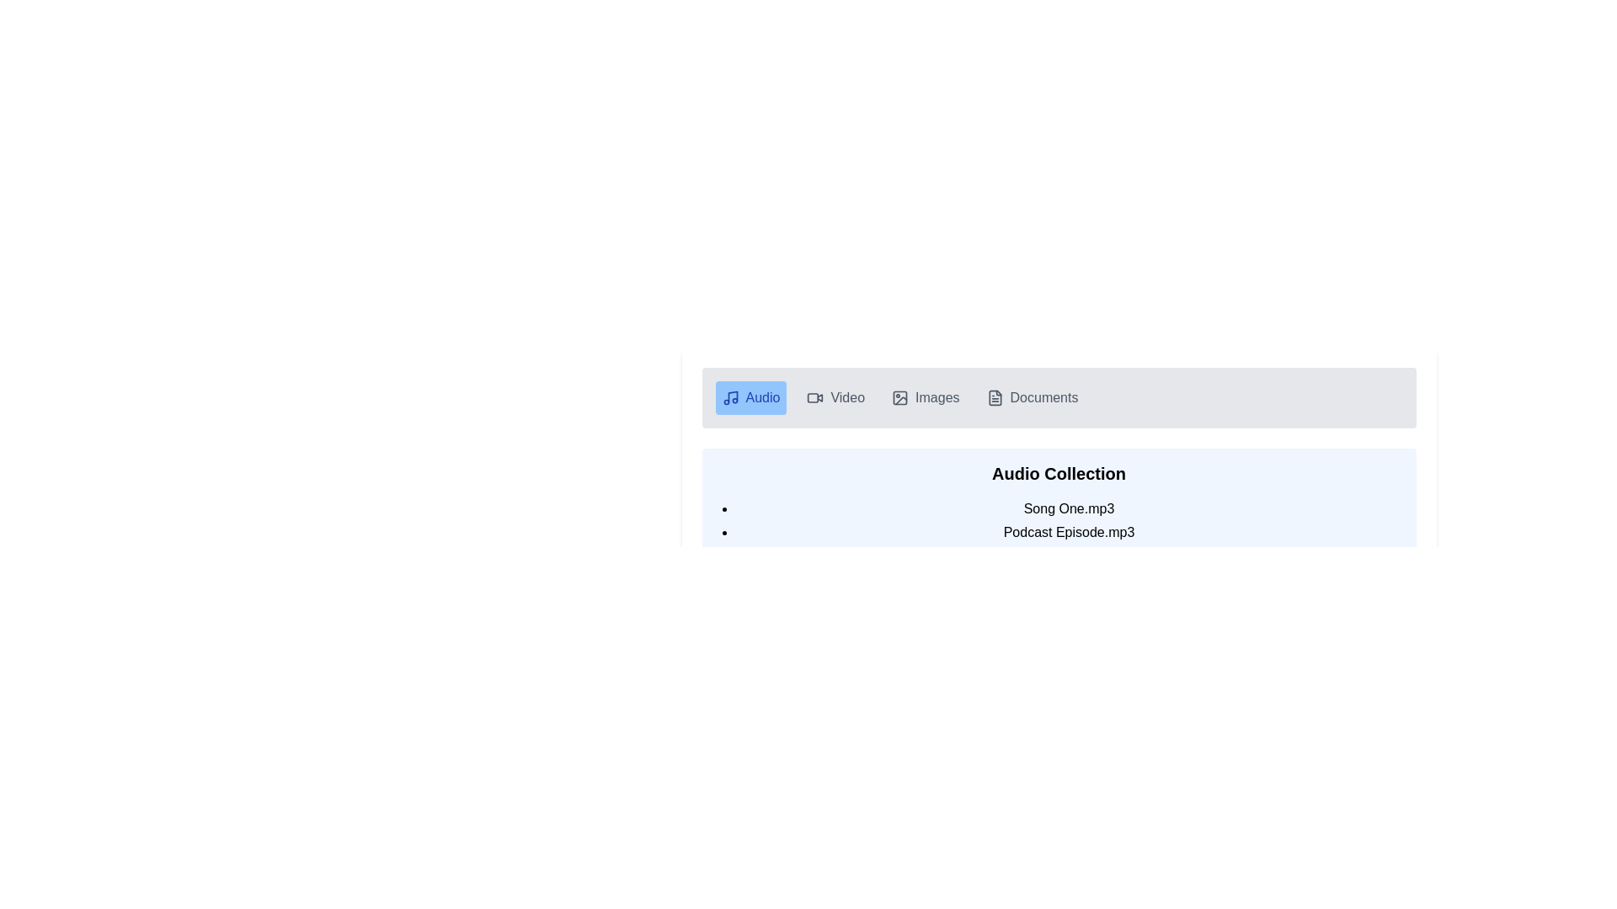 This screenshot has width=1617, height=909. Describe the element at coordinates (1058, 474) in the screenshot. I see `title 'Audio Collection' which is a bold text headline positioned at the top center of the audio files section` at that location.